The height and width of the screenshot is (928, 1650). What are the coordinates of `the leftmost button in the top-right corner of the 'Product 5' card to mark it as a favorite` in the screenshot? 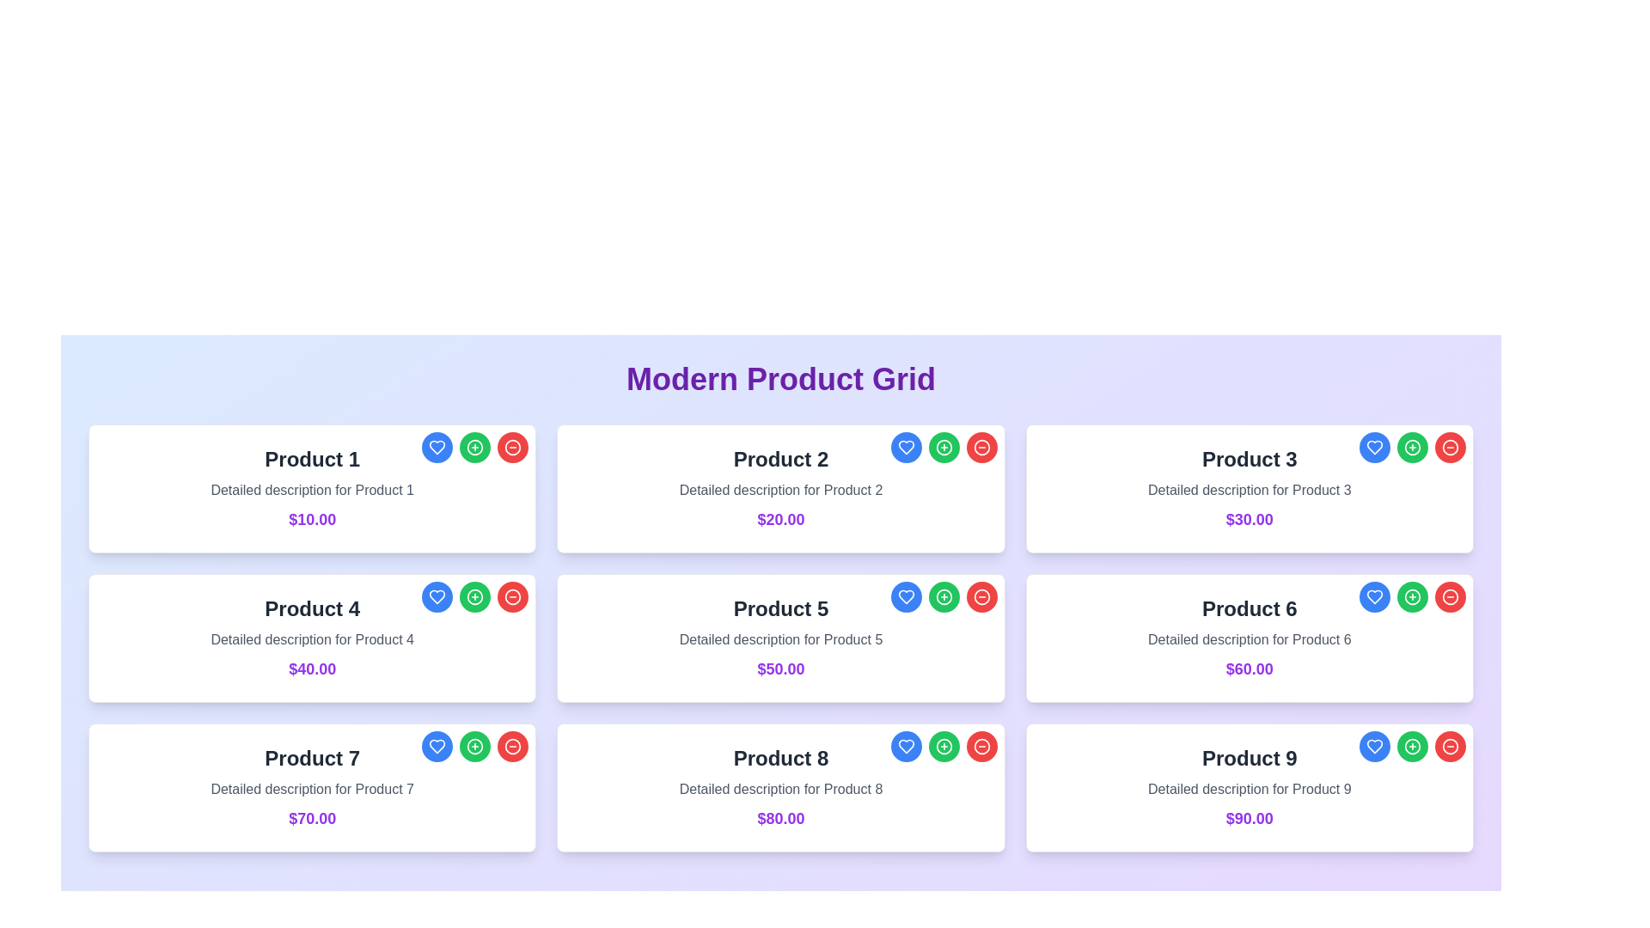 It's located at (905, 595).